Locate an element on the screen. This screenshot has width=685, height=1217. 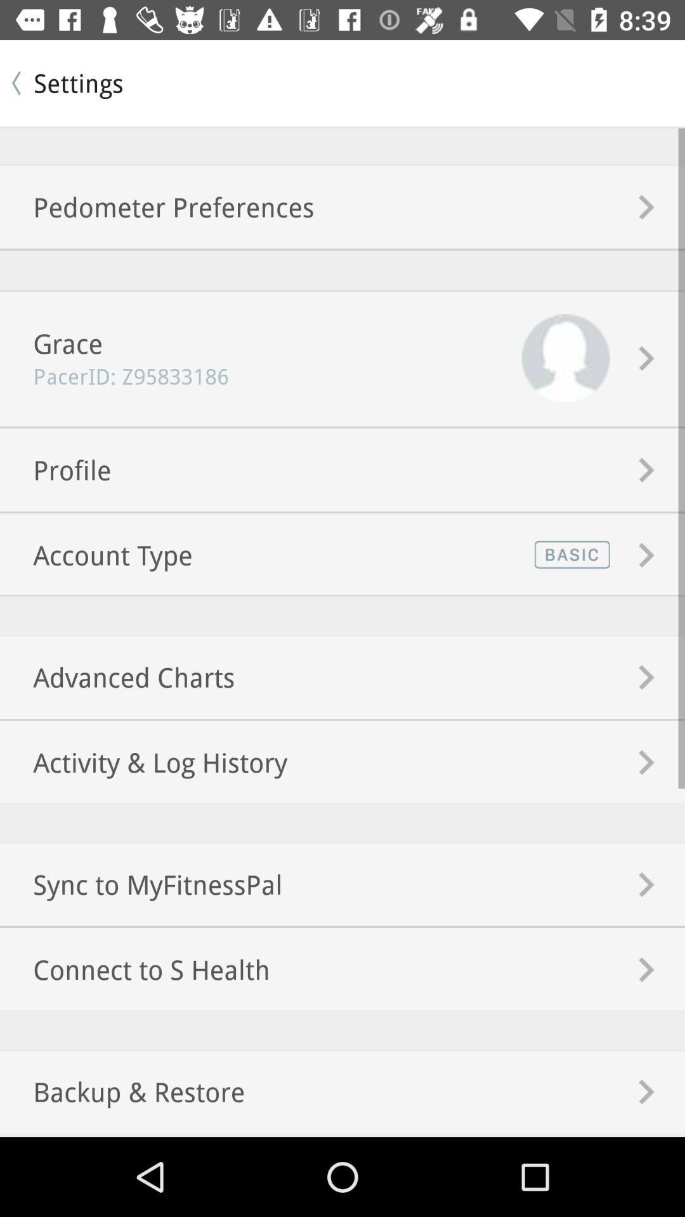
item above account type item is located at coordinates (55, 469).